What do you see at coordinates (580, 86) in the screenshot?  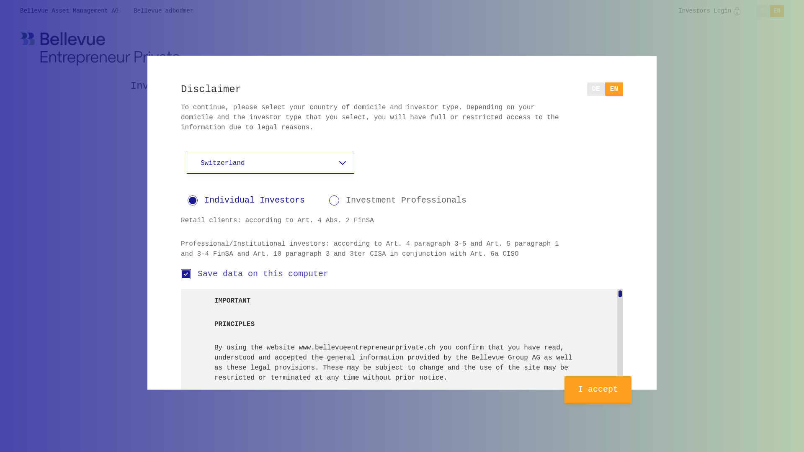 I see `'Contact'` at bounding box center [580, 86].